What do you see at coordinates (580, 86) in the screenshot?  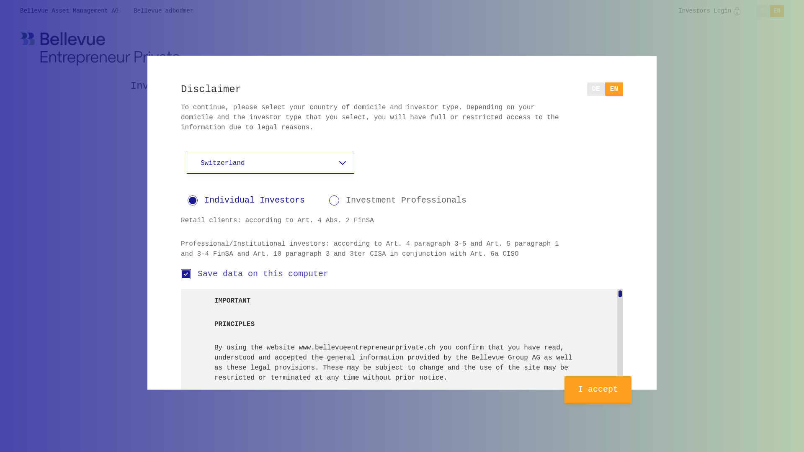 I see `'Contact'` at bounding box center [580, 86].